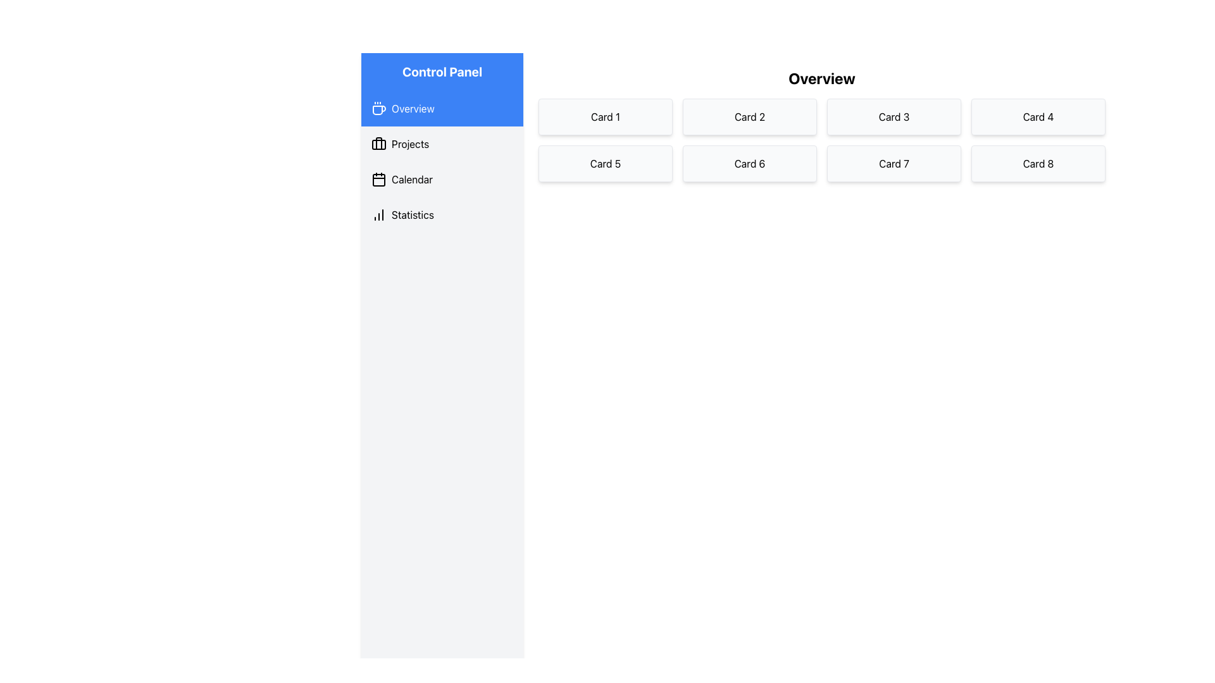 The width and height of the screenshot is (1215, 683). I want to click on the inner rounded rectangle component of the calendar icon located in the sidebar navigation menu, so click(378, 180).